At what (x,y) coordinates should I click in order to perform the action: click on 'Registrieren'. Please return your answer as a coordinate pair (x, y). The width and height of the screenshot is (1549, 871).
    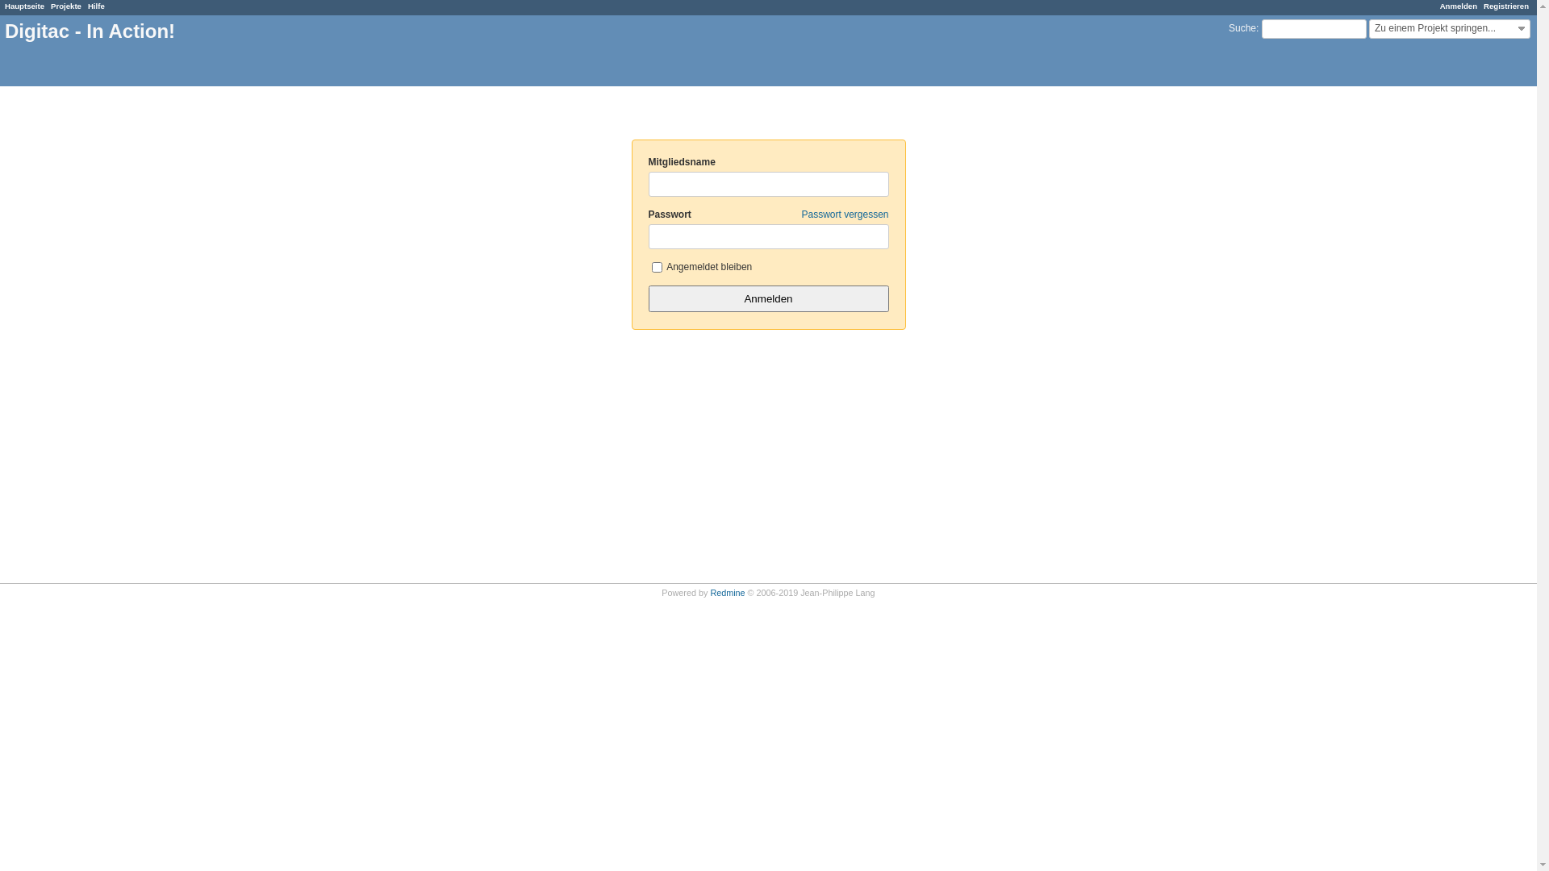
    Looking at the image, I should click on (1483, 6).